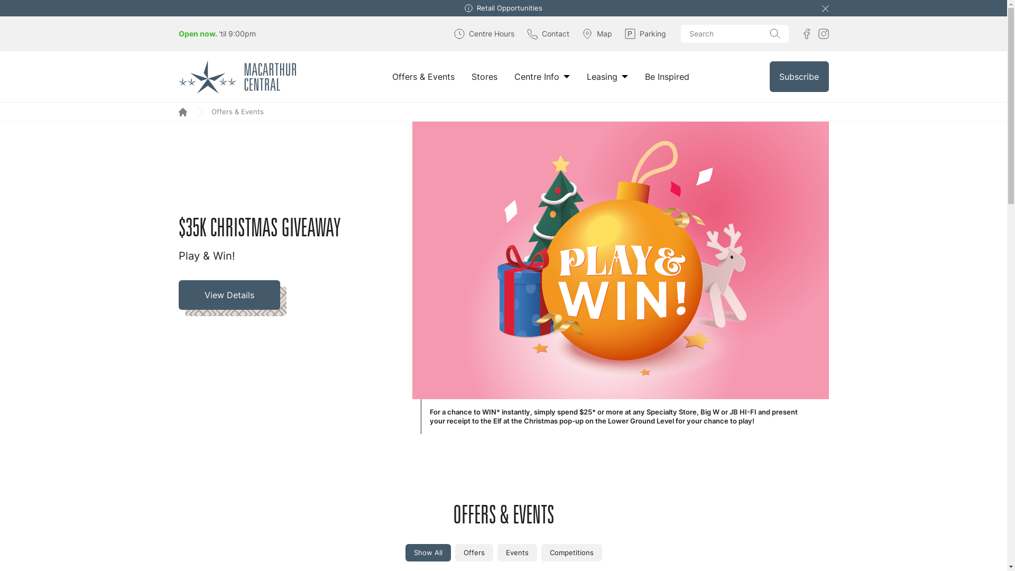 This screenshot has width=1015, height=571. What do you see at coordinates (182, 112) in the screenshot?
I see `'Home'` at bounding box center [182, 112].